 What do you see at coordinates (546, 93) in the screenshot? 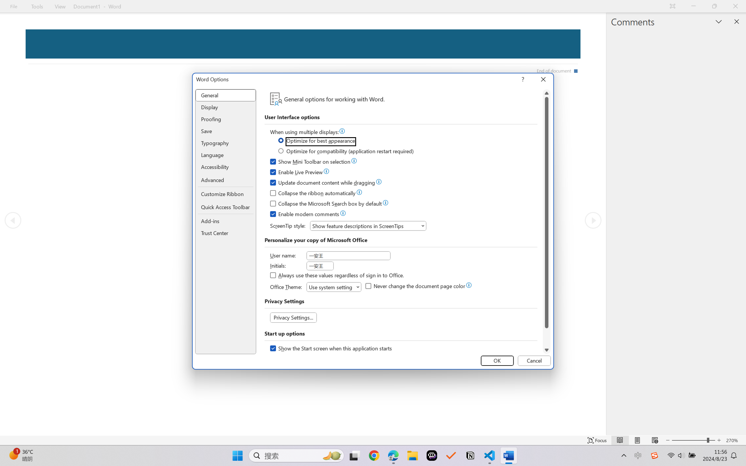
I see `'Line up'` at bounding box center [546, 93].